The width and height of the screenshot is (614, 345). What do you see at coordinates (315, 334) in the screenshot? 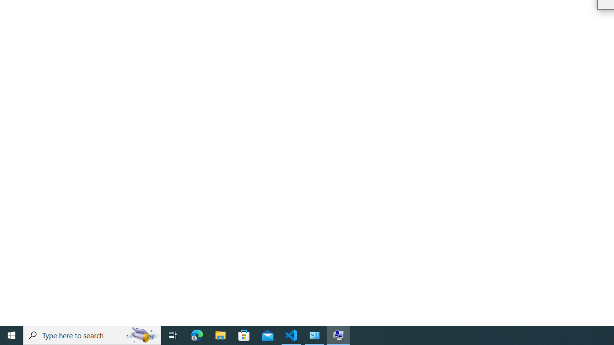
I see `'Control Panel - 1 running window'` at bounding box center [315, 334].